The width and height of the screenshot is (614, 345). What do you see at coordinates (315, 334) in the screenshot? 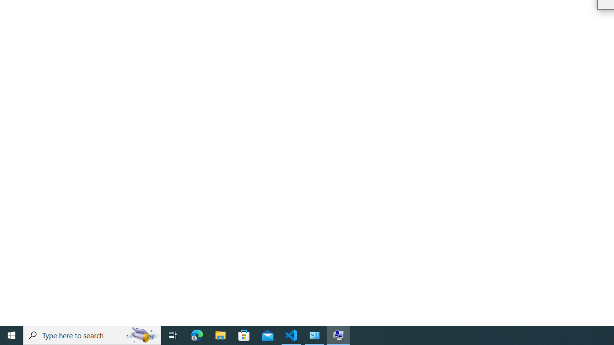
I see `'Control Panel - 1 running window'` at bounding box center [315, 334].